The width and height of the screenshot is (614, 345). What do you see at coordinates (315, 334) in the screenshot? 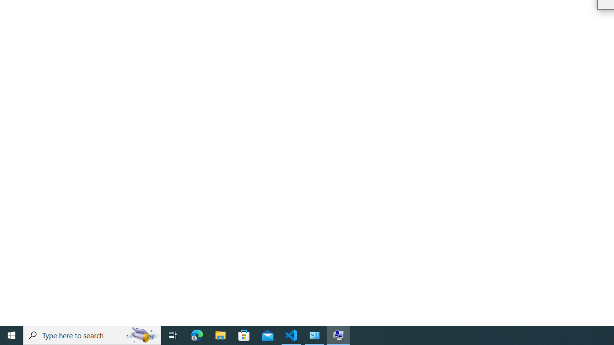
I see `'Control Panel - 1 running window'` at bounding box center [315, 334].